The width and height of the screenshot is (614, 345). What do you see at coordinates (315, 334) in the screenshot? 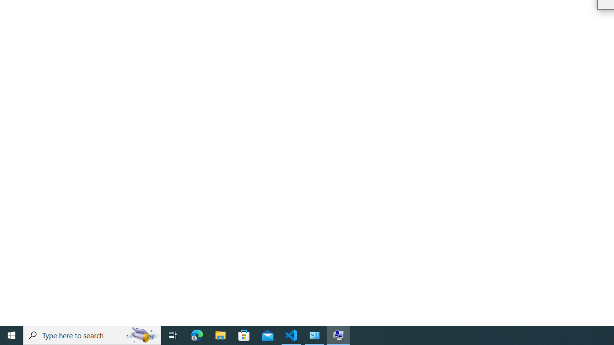
I see `'Control Panel - 1 running window'` at bounding box center [315, 334].